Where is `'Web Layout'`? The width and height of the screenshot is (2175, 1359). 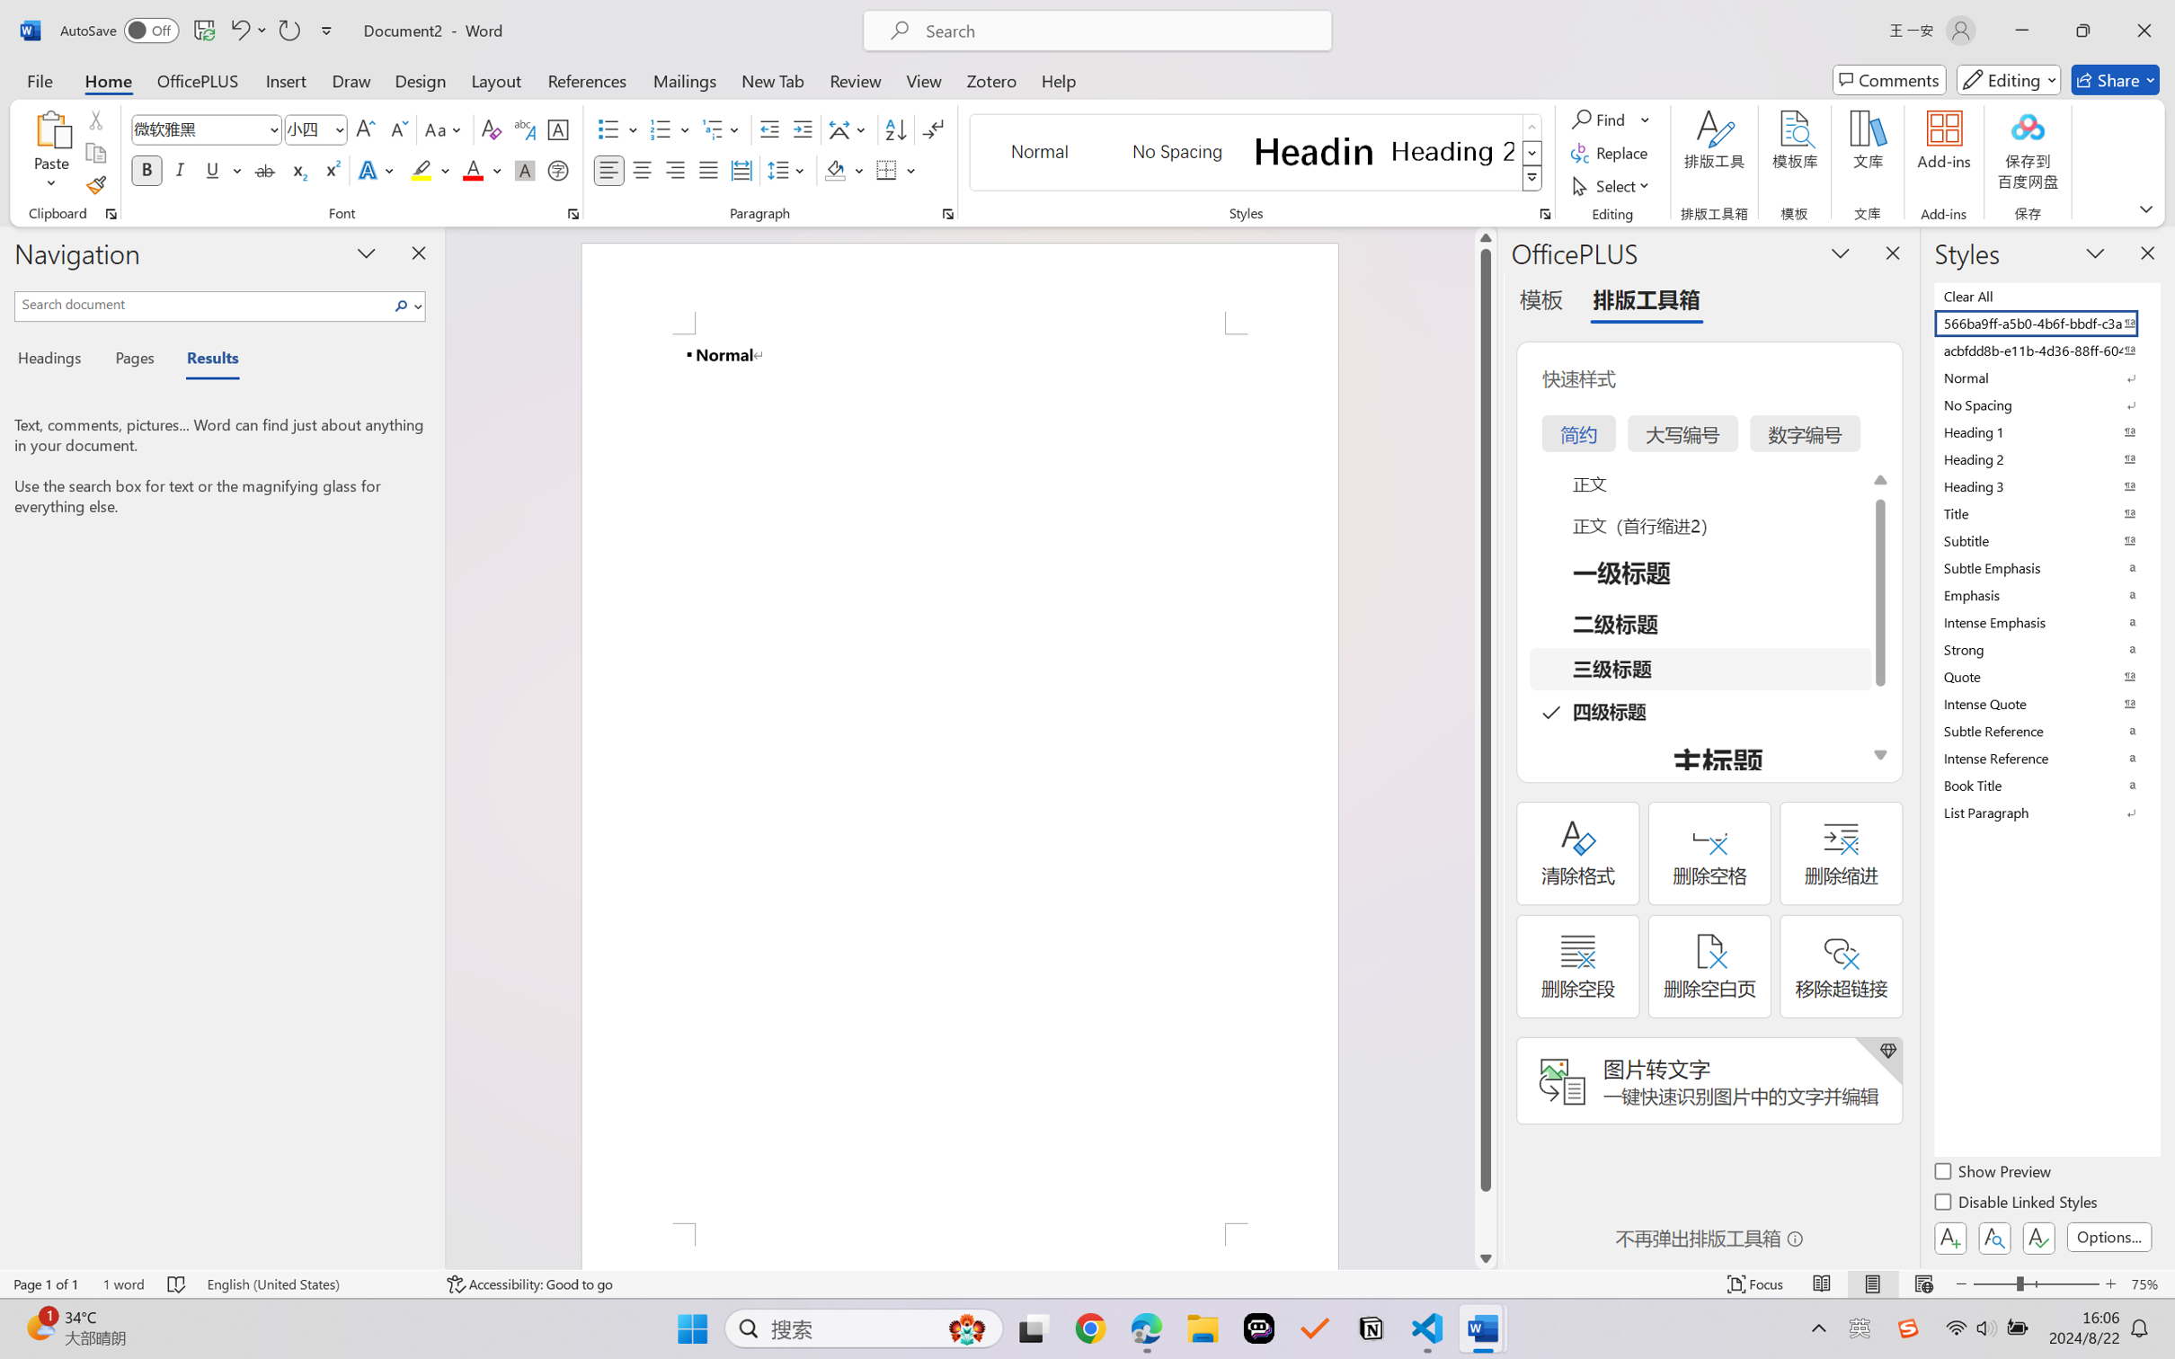
'Web Layout' is located at coordinates (1922, 1283).